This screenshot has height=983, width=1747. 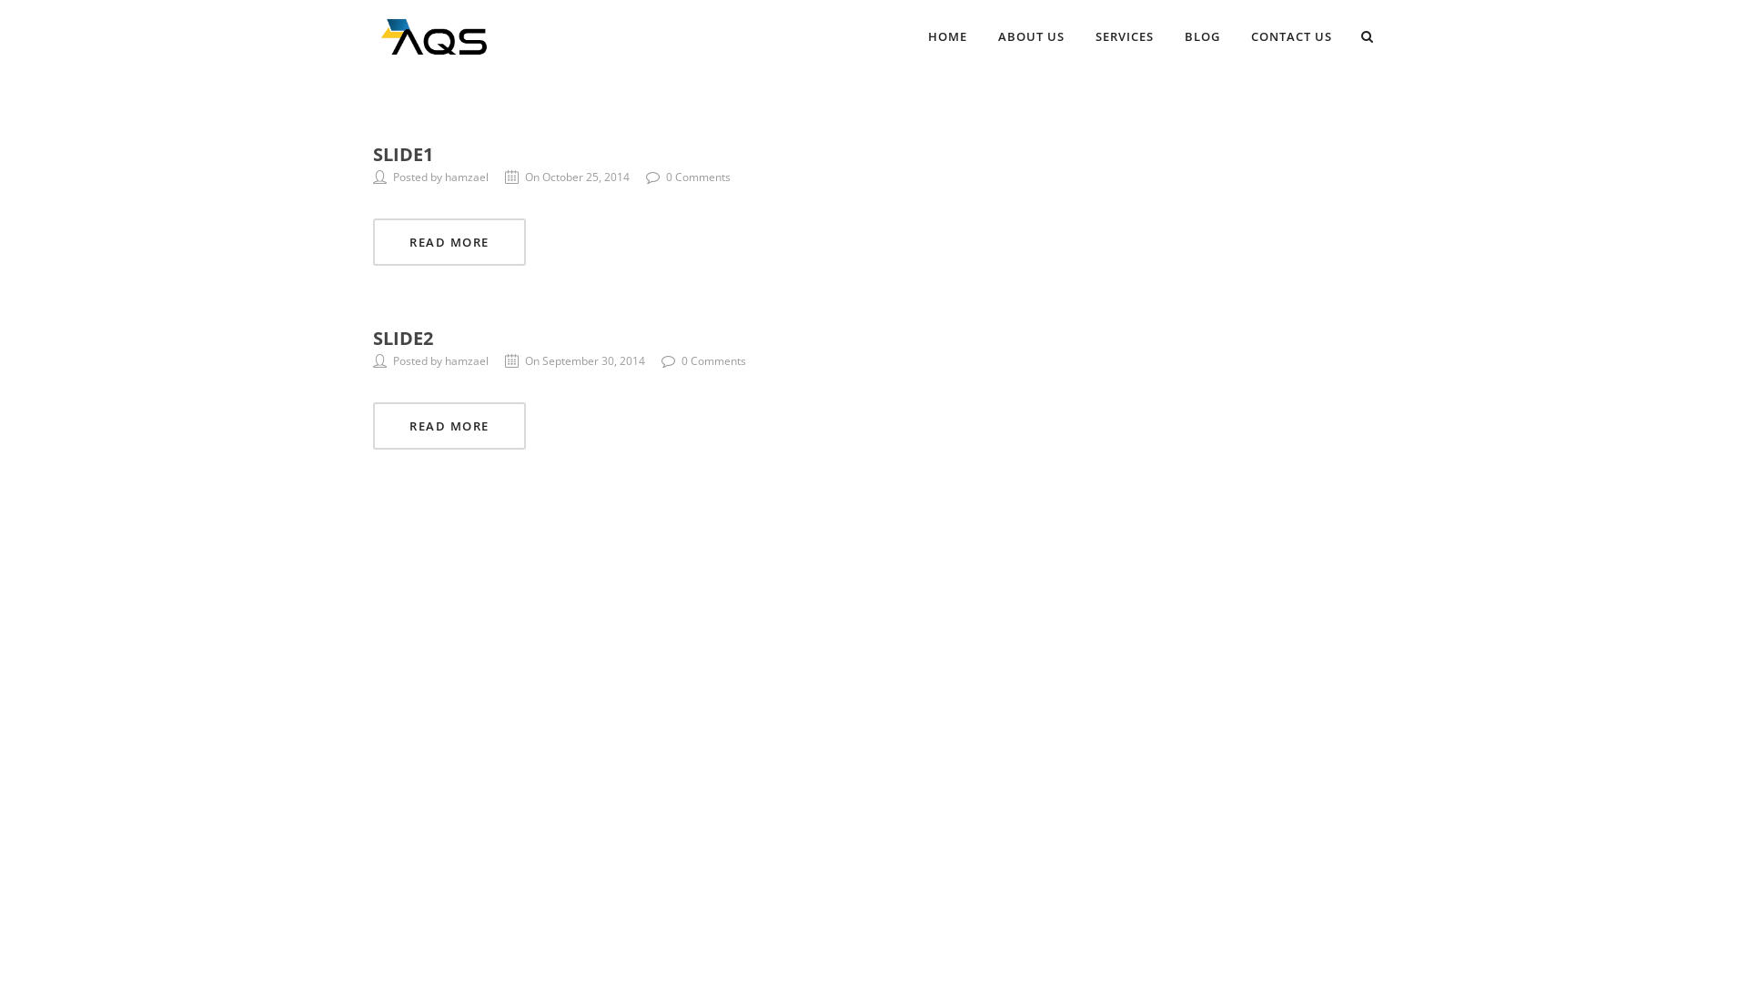 I want to click on 'READ MORE', so click(x=371, y=241).